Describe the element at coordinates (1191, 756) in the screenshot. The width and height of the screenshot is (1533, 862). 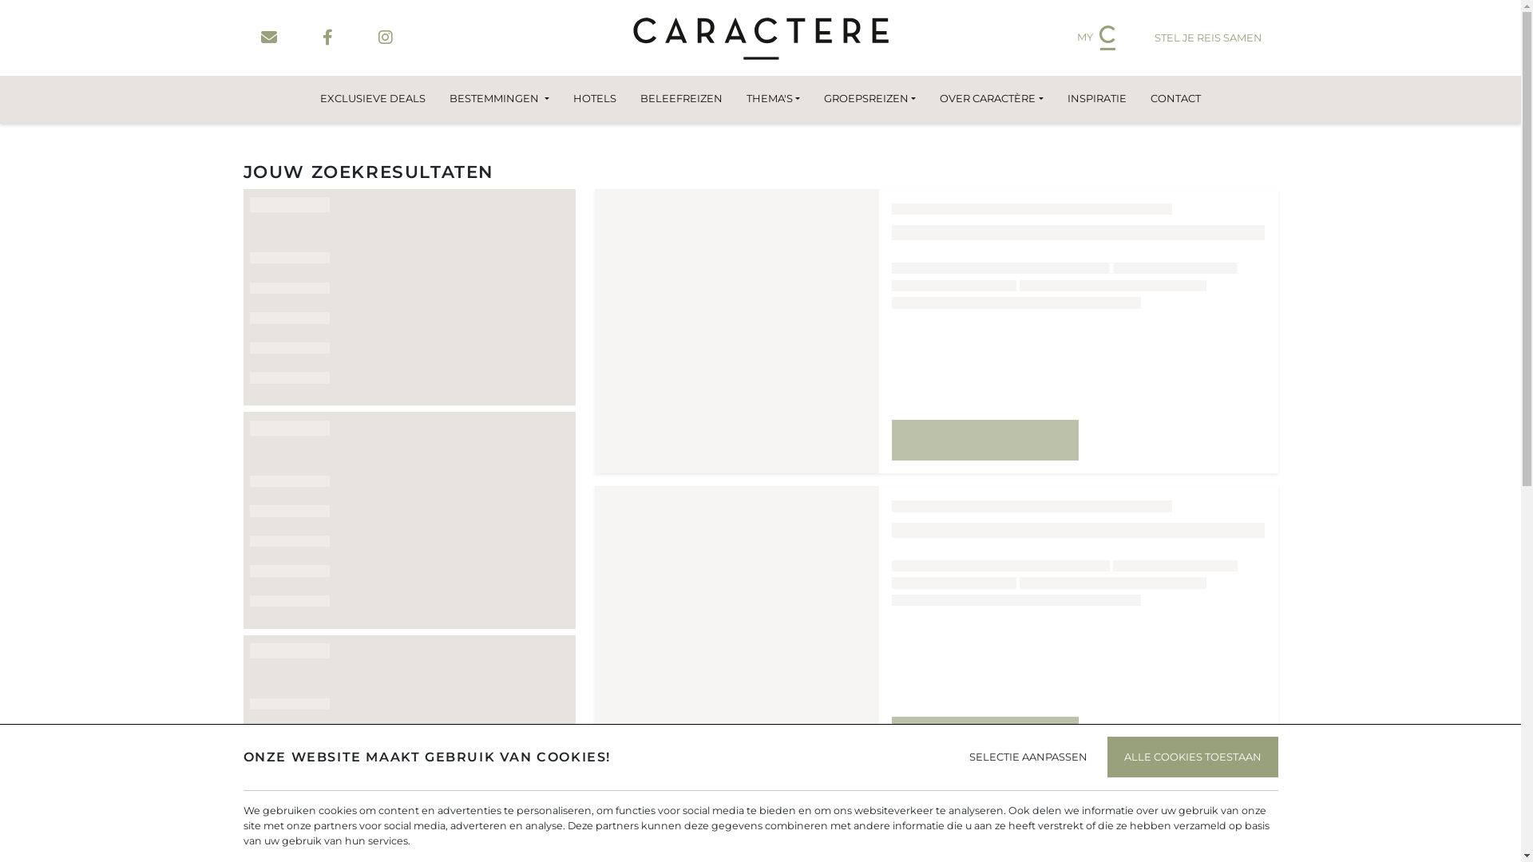
I see `'ALLE COOKIES TOESTAAN'` at that location.